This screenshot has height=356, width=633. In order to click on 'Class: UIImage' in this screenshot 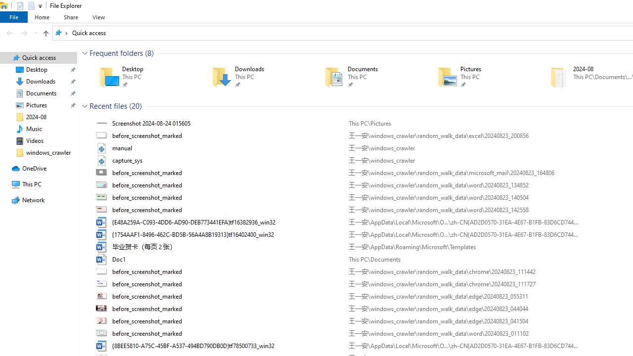, I will do `click(102, 345)`.